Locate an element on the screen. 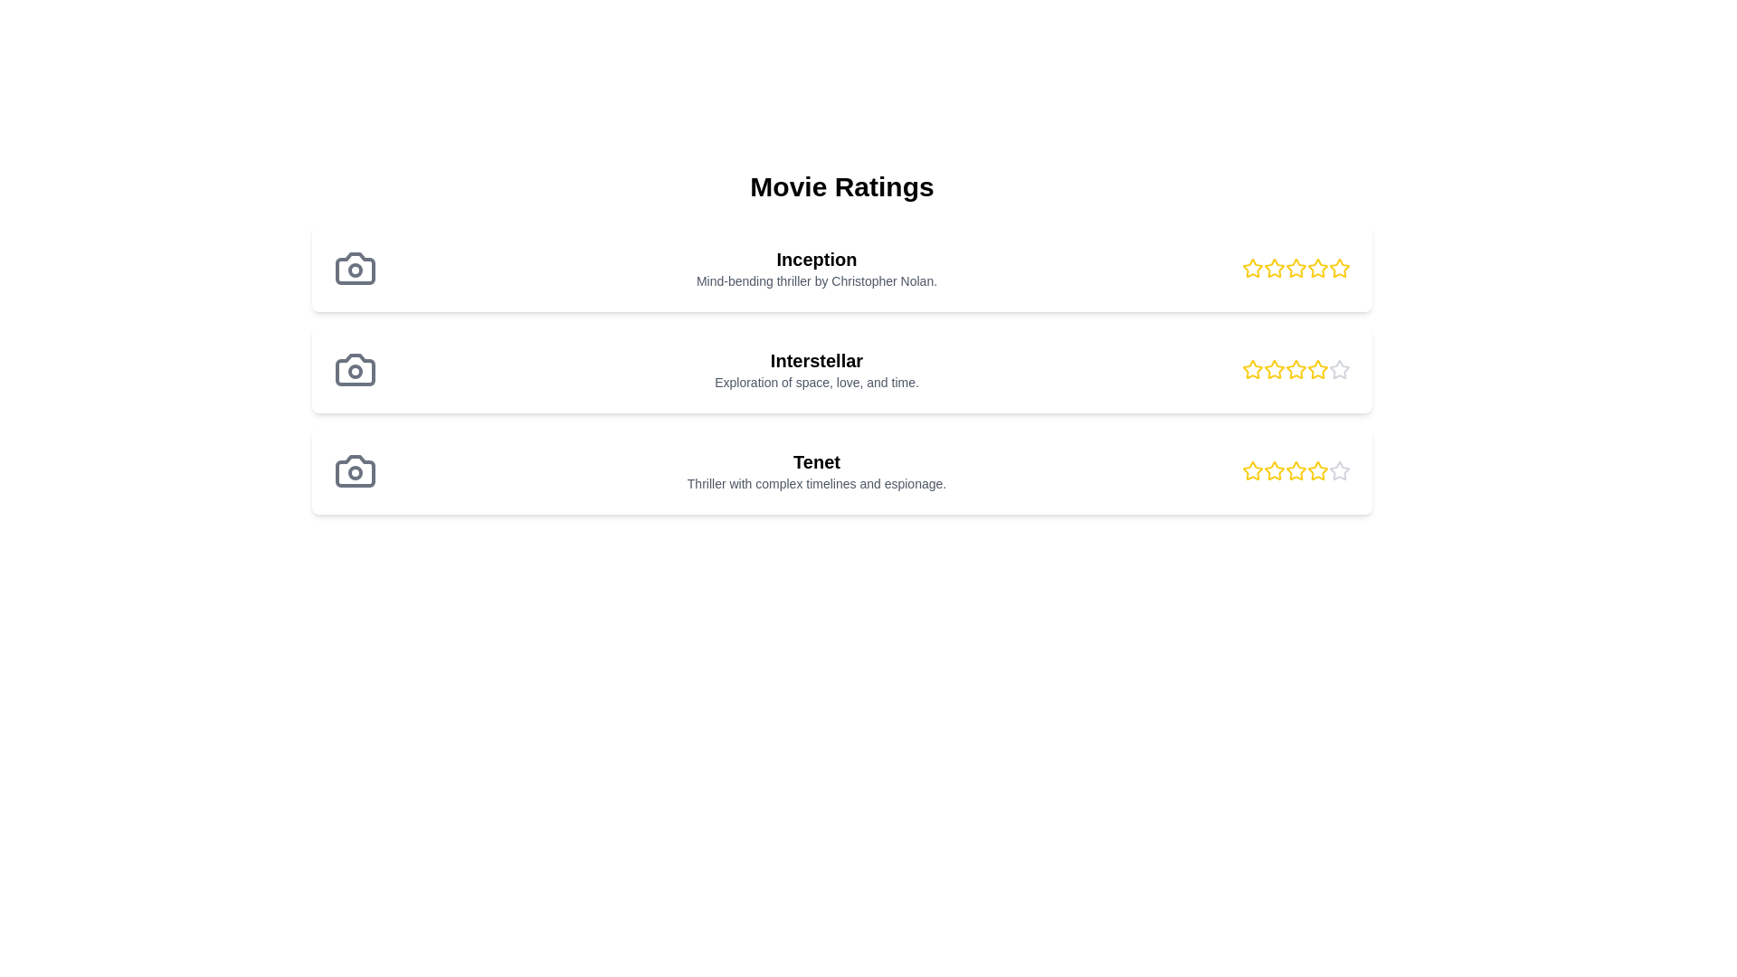 This screenshot has height=977, width=1737. the SVG camera icon located at the top-left of the third row, characterized by a rectangular body and circular lens, styled in gray with rounded corners is located at coordinates (356, 470).